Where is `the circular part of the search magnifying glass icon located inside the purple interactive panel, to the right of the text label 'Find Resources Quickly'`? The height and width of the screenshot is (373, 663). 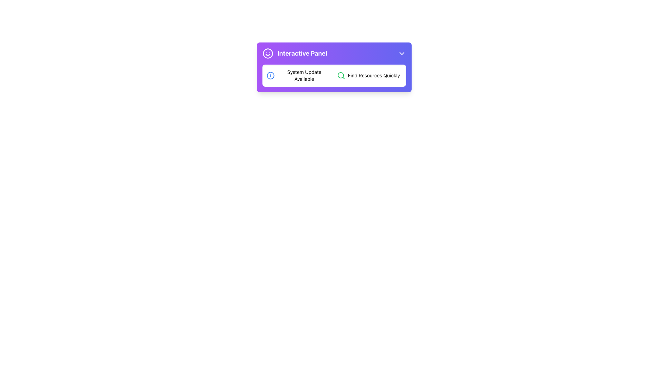 the circular part of the search magnifying glass icon located inside the purple interactive panel, to the right of the text label 'Find Resources Quickly' is located at coordinates (340, 75).